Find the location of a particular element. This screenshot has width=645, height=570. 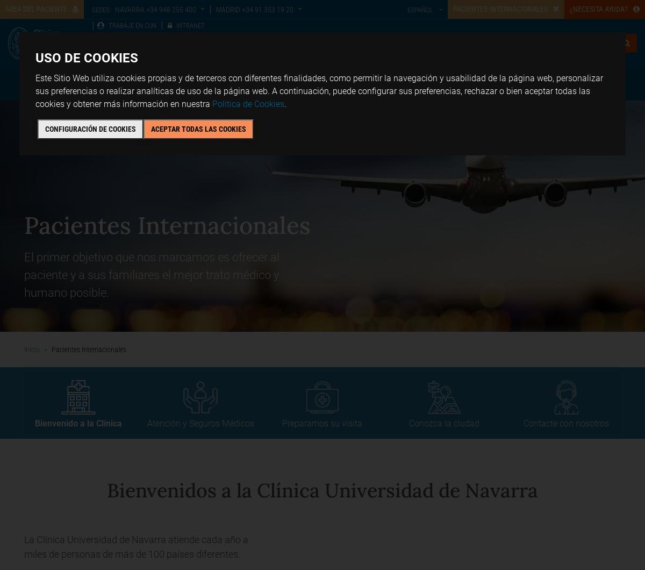

'Chequeos y salud' is located at coordinates (178, 83).